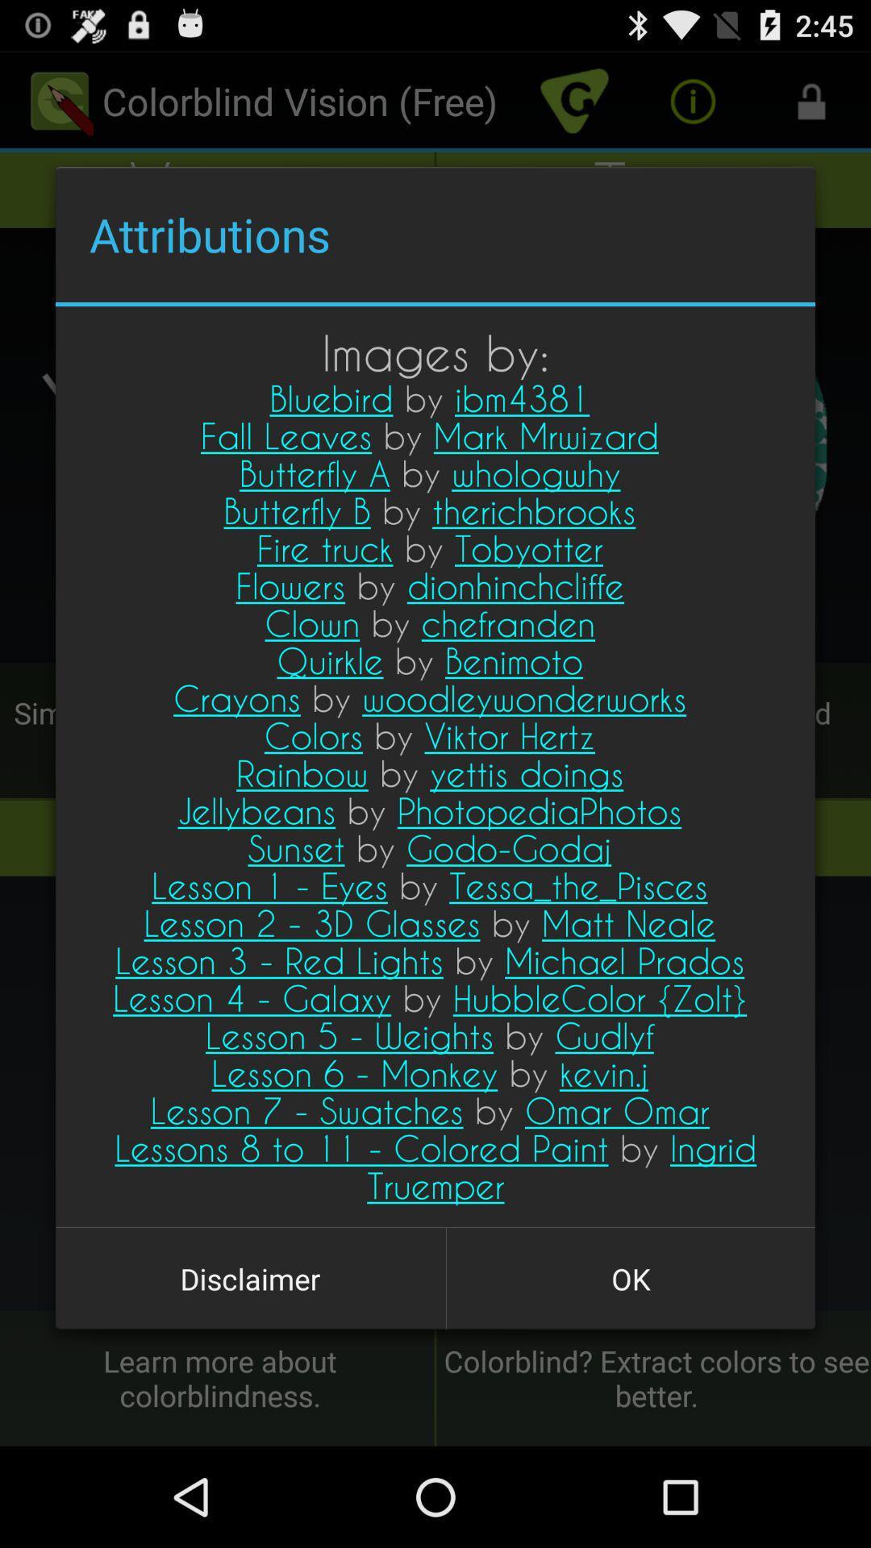  I want to click on the disclaimer button, so click(250, 1278).